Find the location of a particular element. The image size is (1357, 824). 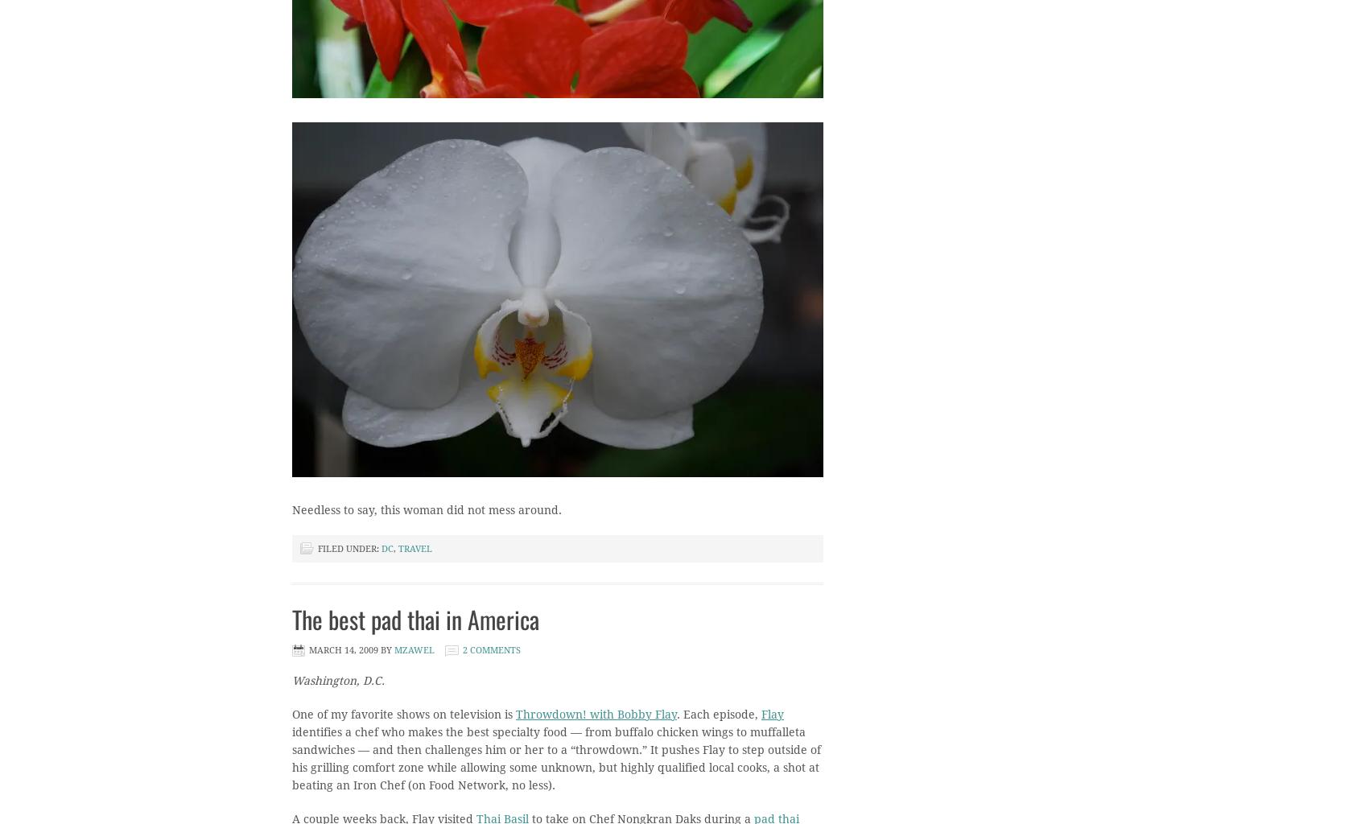

'. Each episode,' is located at coordinates (676, 715).